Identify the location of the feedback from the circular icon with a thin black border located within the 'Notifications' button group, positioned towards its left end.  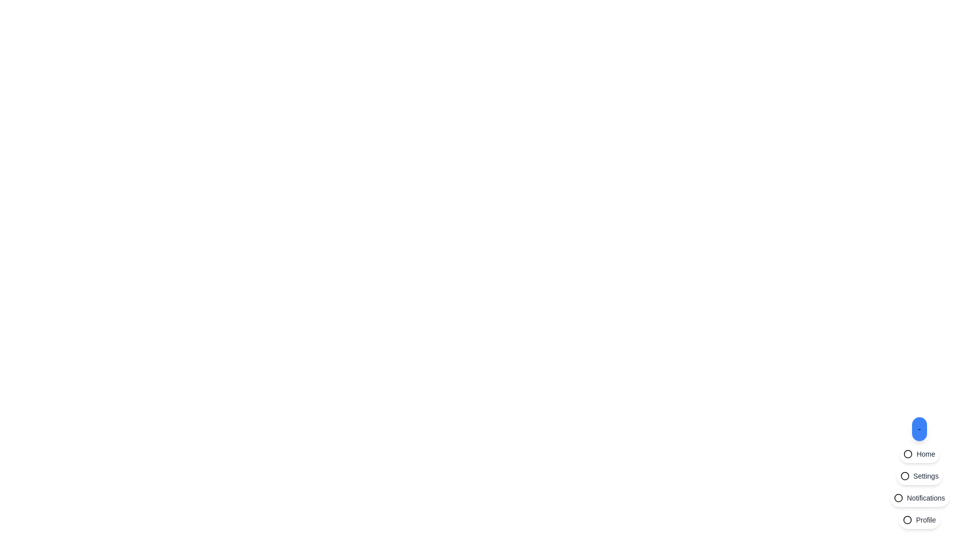
(898, 498).